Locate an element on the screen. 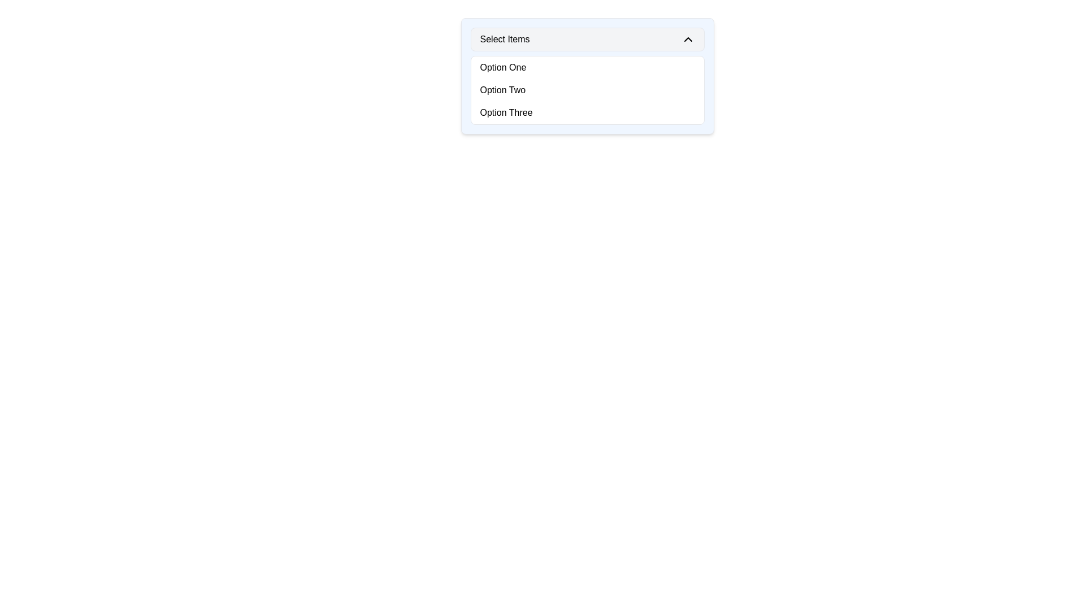  the dropdown menu located below 'Select Items' is located at coordinates (587, 89).